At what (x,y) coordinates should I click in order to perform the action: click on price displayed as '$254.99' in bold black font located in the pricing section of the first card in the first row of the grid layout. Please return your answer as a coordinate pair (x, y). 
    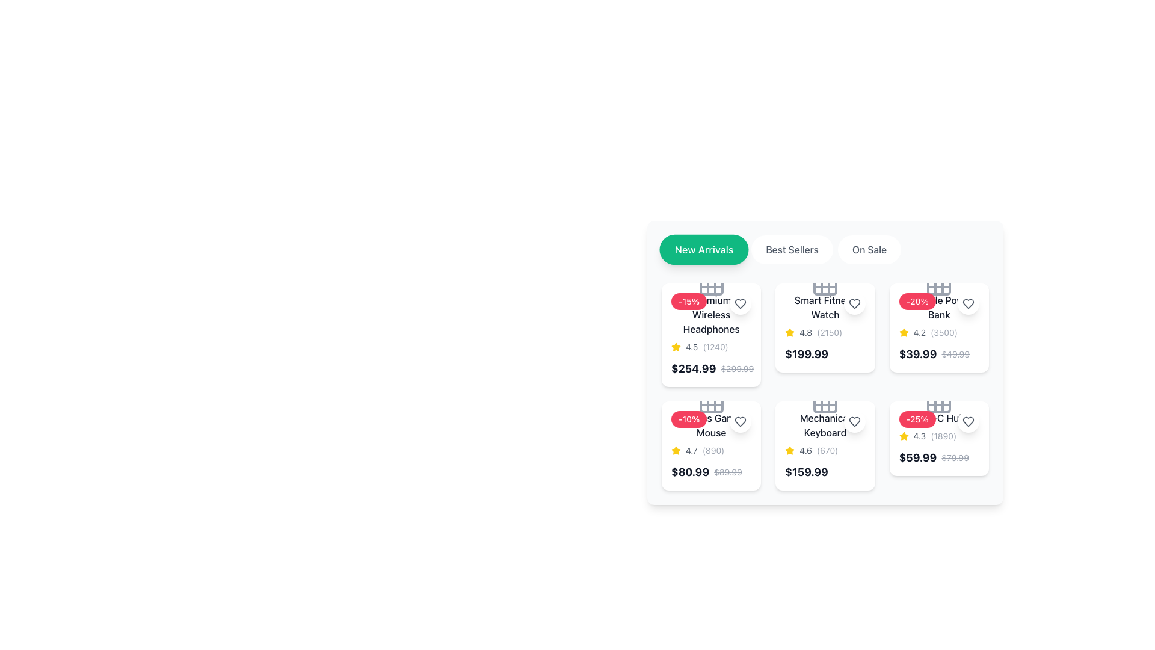
    Looking at the image, I should click on (694, 368).